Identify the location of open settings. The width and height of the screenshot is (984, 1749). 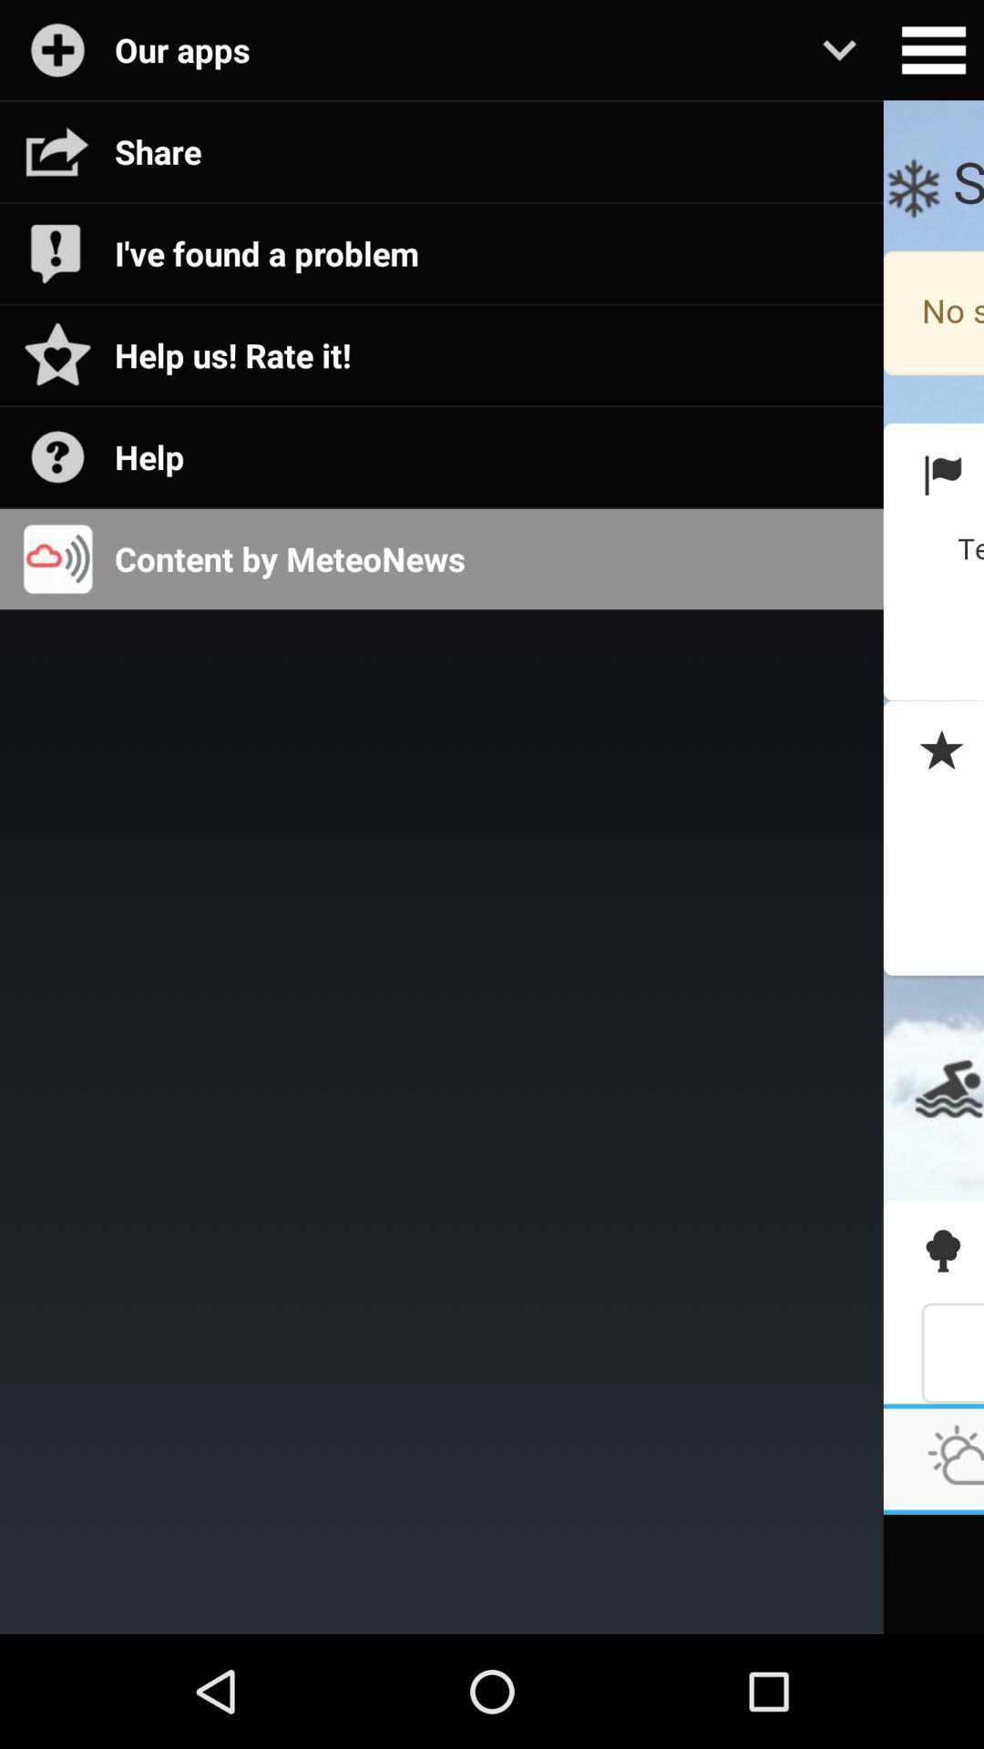
(933, 50).